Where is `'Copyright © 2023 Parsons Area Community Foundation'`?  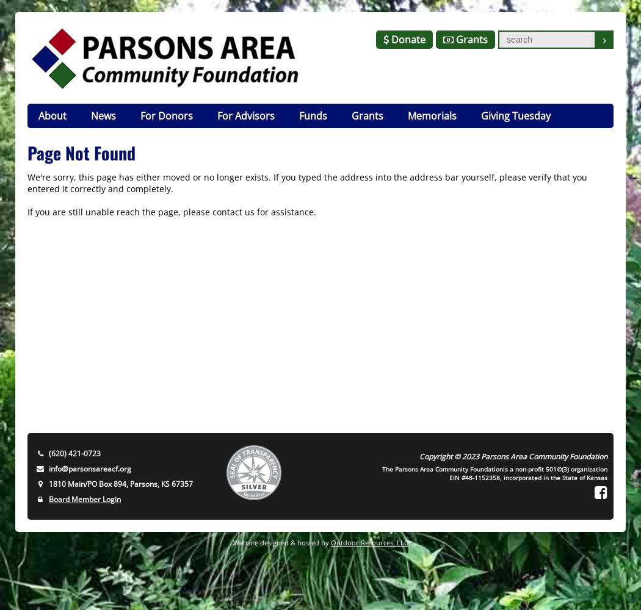 'Copyright © 2023 Parsons Area Community Foundation' is located at coordinates (513, 456).